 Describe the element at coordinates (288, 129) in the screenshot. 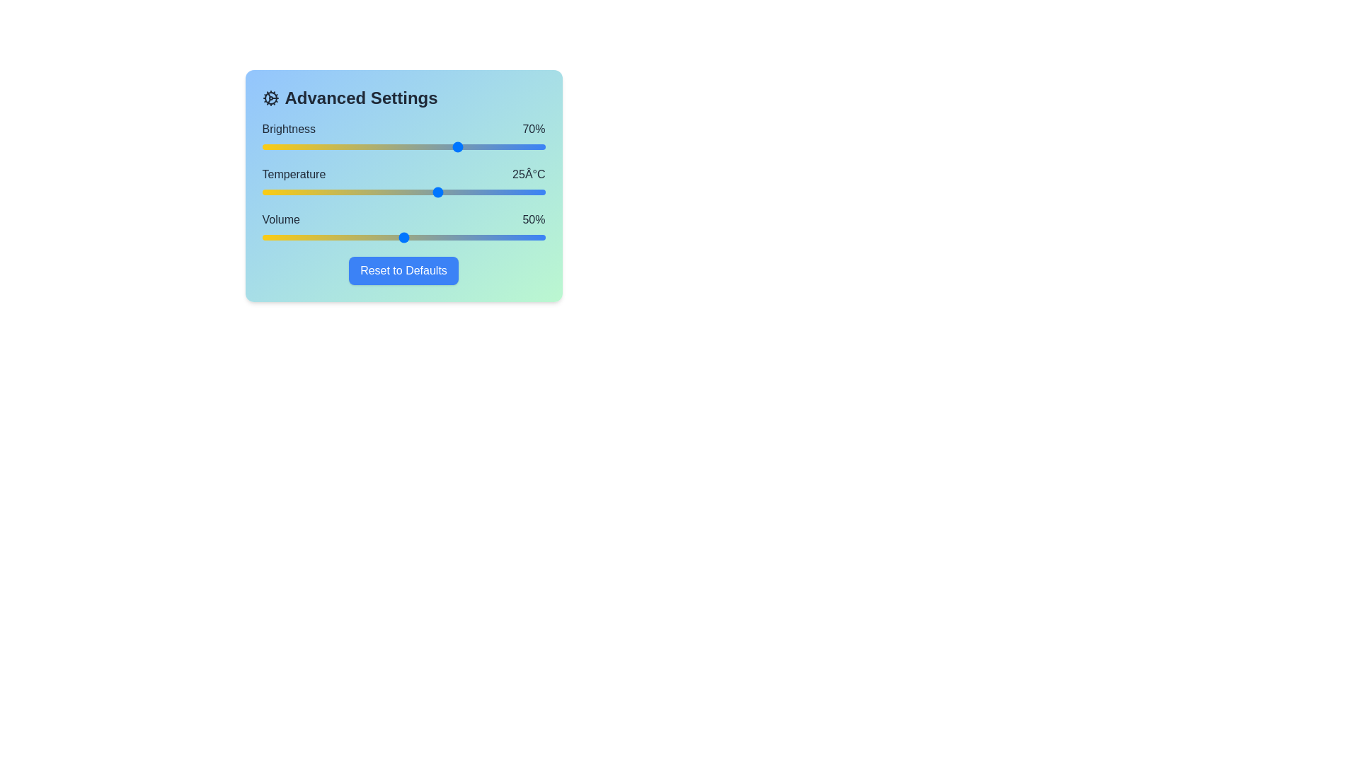

I see `the text label Brightness to select it` at that location.